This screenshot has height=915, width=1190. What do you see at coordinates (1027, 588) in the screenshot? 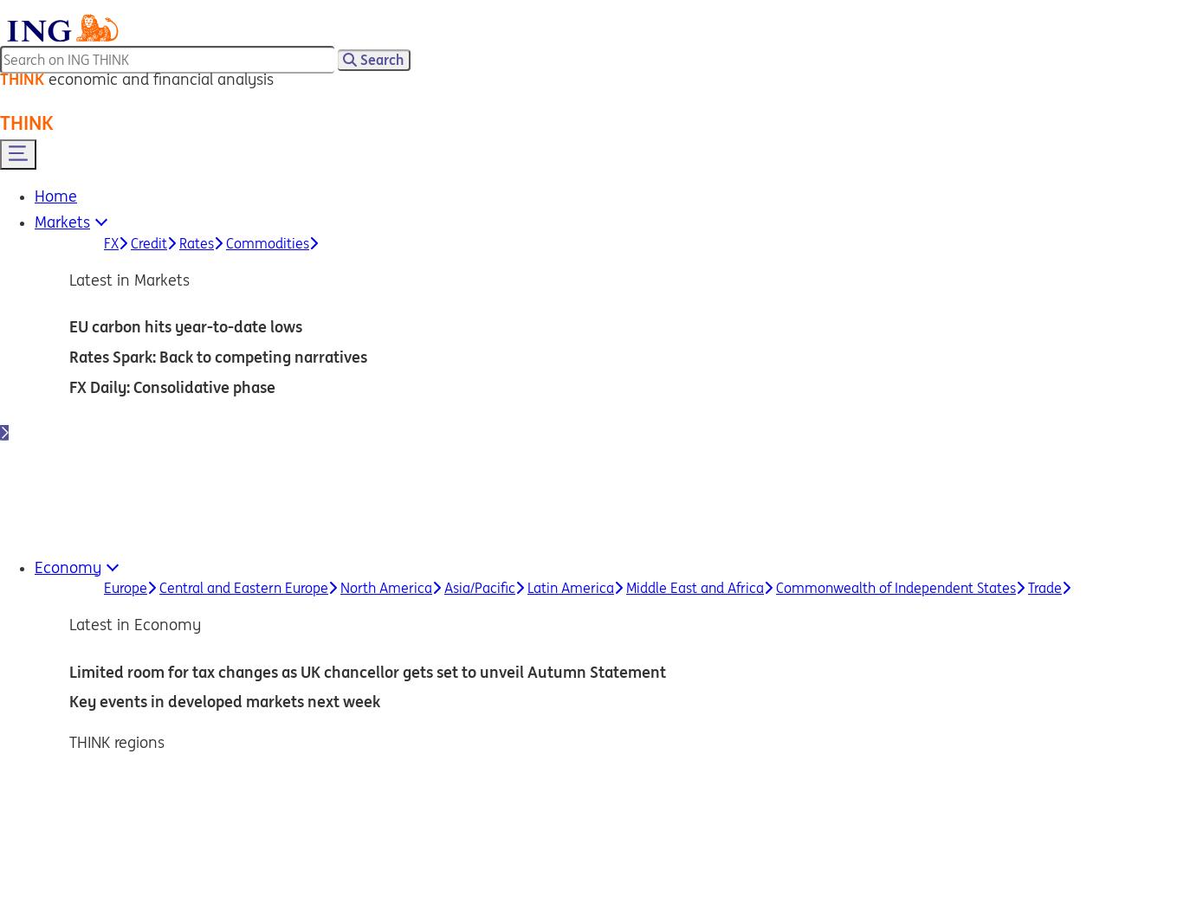
I see `'Trade'` at bounding box center [1027, 588].